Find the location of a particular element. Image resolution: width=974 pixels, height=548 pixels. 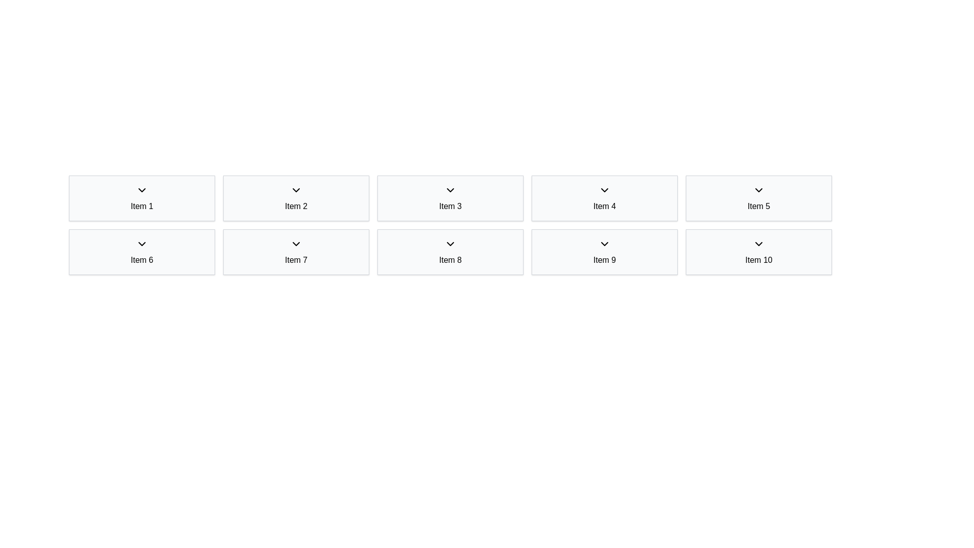

the seventh card in the grid layout, which represents 'Item 7' is located at coordinates (296, 252).